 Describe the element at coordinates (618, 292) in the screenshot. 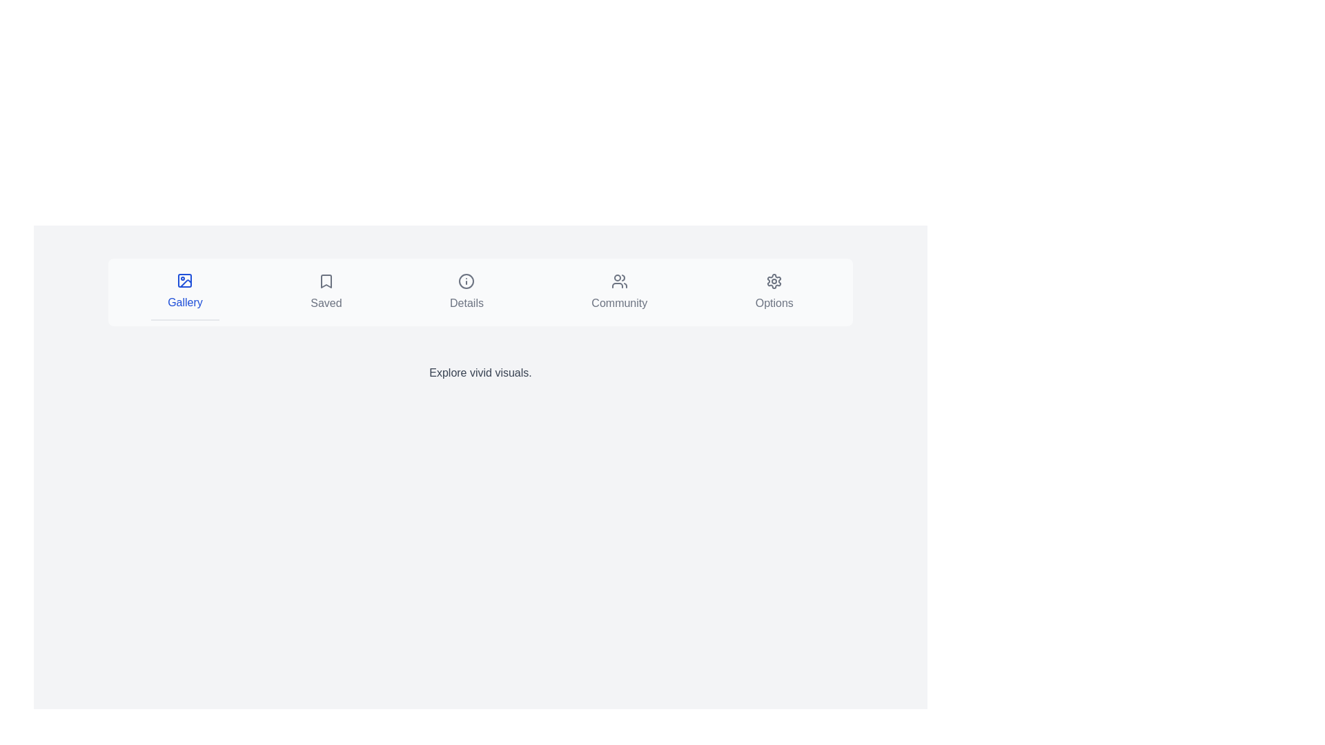

I see `the tab labeled Community to display its associated content` at that location.